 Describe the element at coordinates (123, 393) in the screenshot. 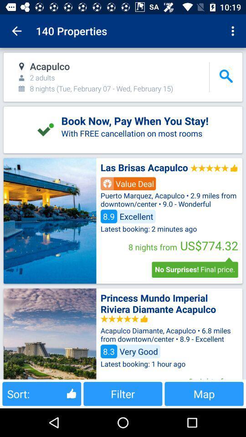

I see `the icon next to the sort:  item` at that location.